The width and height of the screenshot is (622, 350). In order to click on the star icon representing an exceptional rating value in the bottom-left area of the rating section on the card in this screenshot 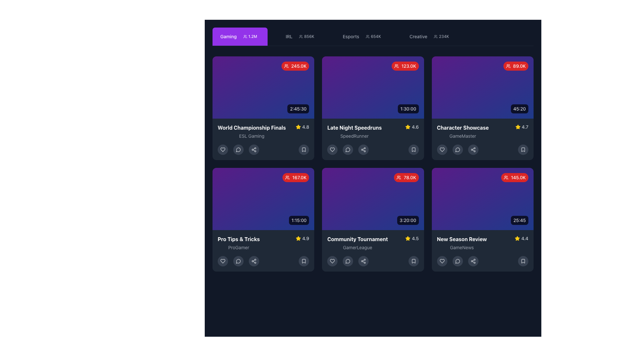, I will do `click(298, 239)`.